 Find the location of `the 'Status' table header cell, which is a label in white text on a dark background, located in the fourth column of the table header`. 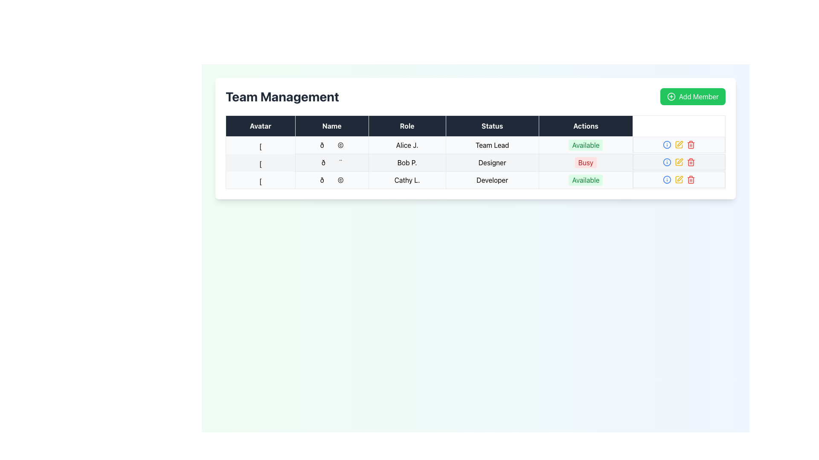

the 'Status' table header cell, which is a label in white text on a dark background, located in the fourth column of the table header is located at coordinates (492, 126).